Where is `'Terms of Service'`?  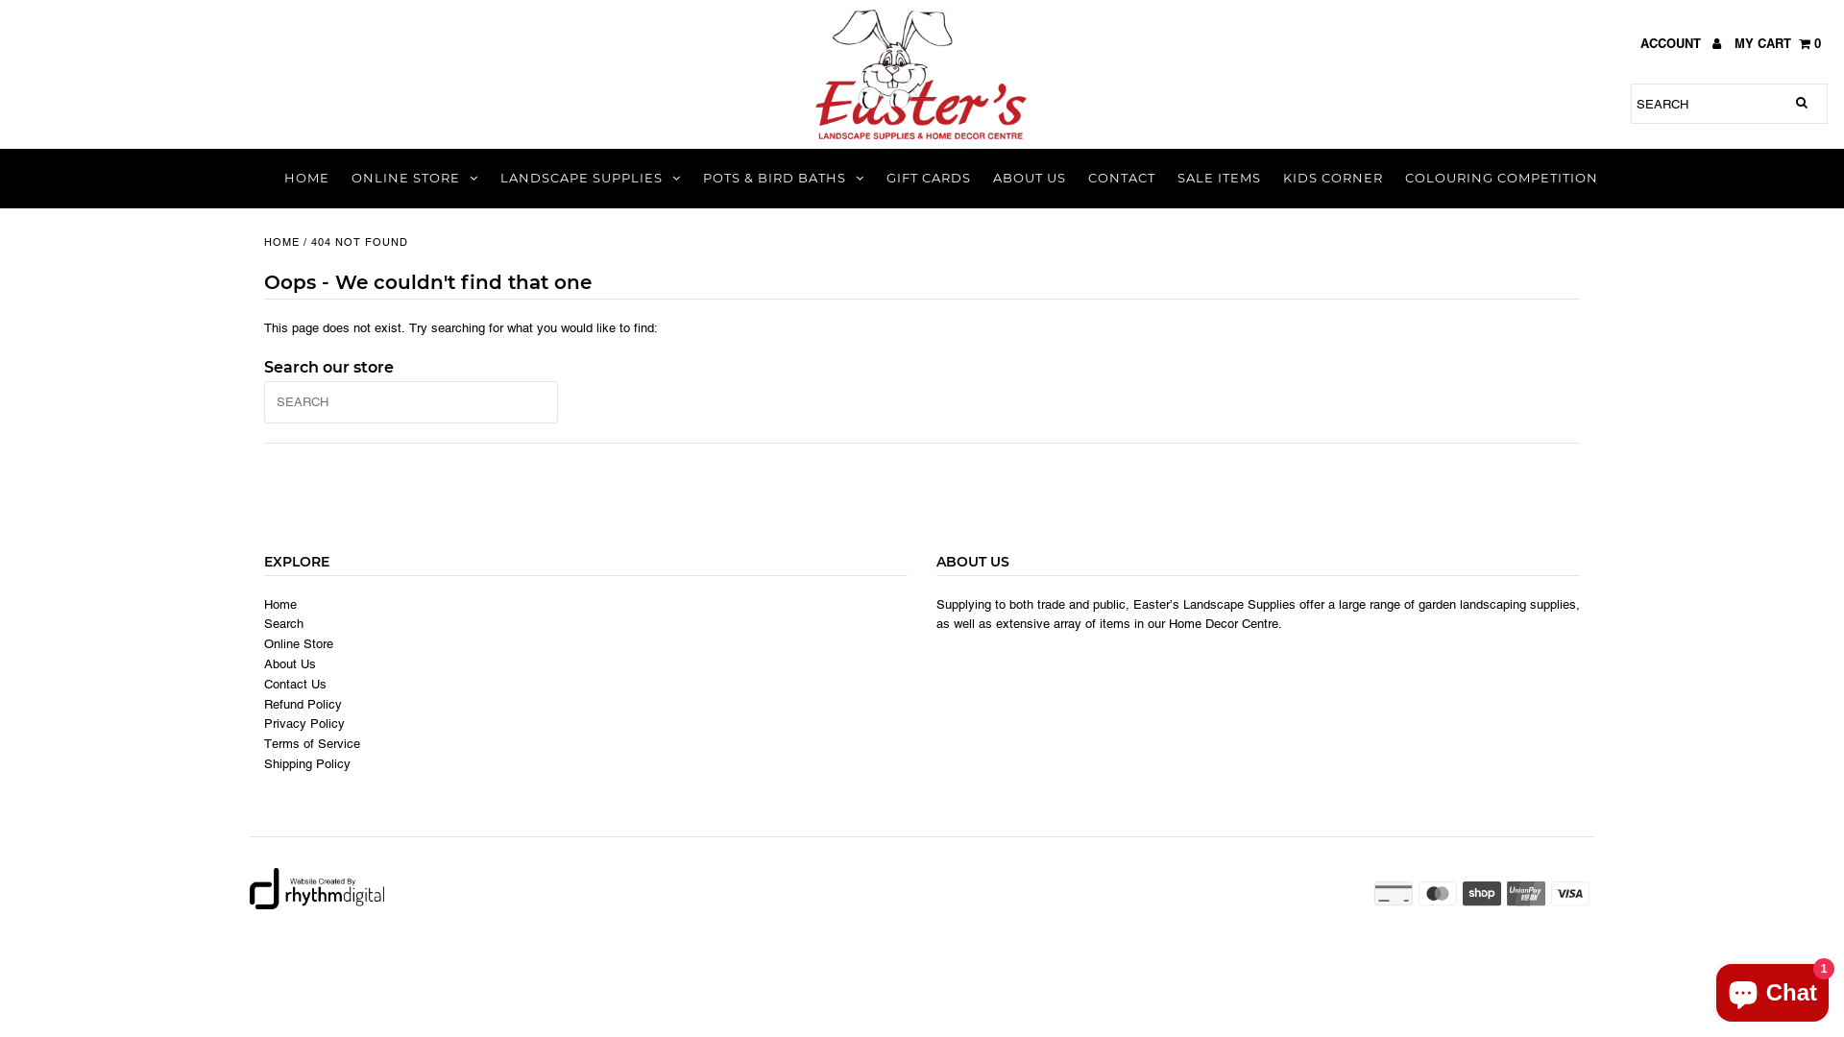
'Terms of Service' is located at coordinates (312, 743).